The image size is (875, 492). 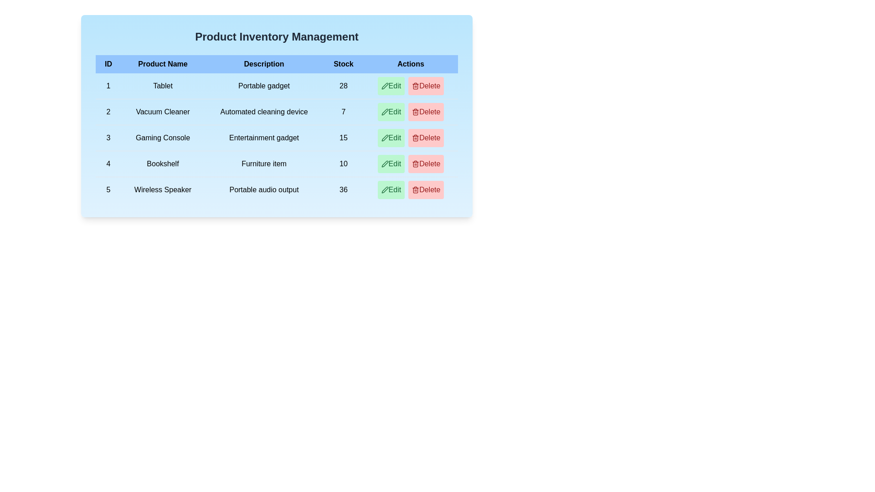 I want to click on the fifth 'Delete' button with a trash can icon located in the action column of the data table adjacent to the product named 'Bookshelf' to initiate a delete action, so click(x=426, y=163).